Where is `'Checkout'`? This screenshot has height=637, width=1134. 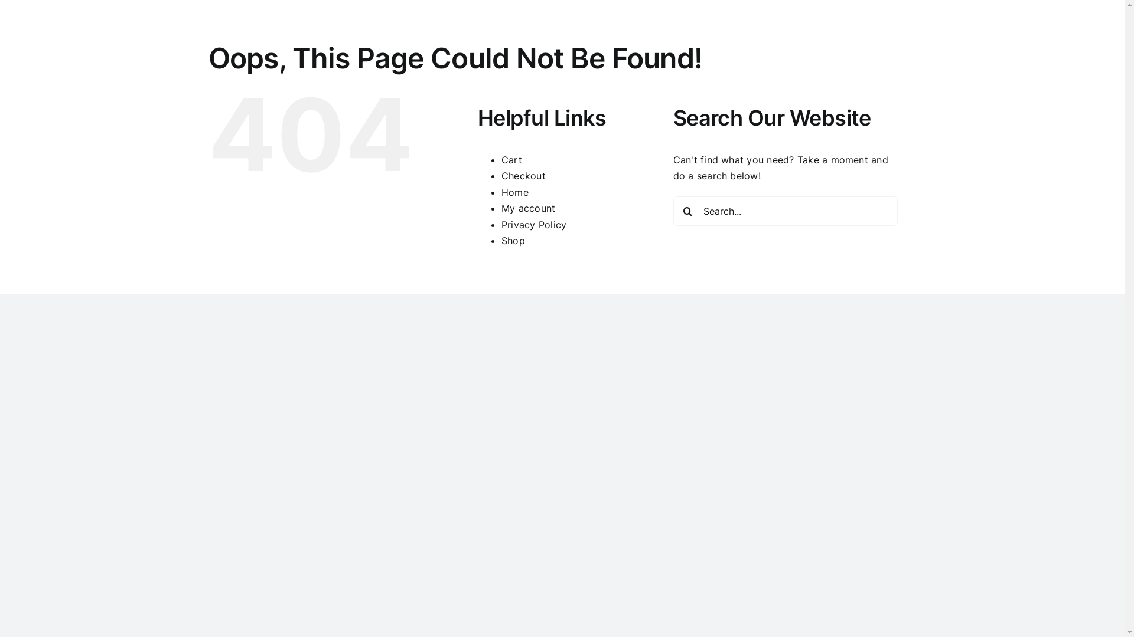 'Checkout' is located at coordinates (523, 175).